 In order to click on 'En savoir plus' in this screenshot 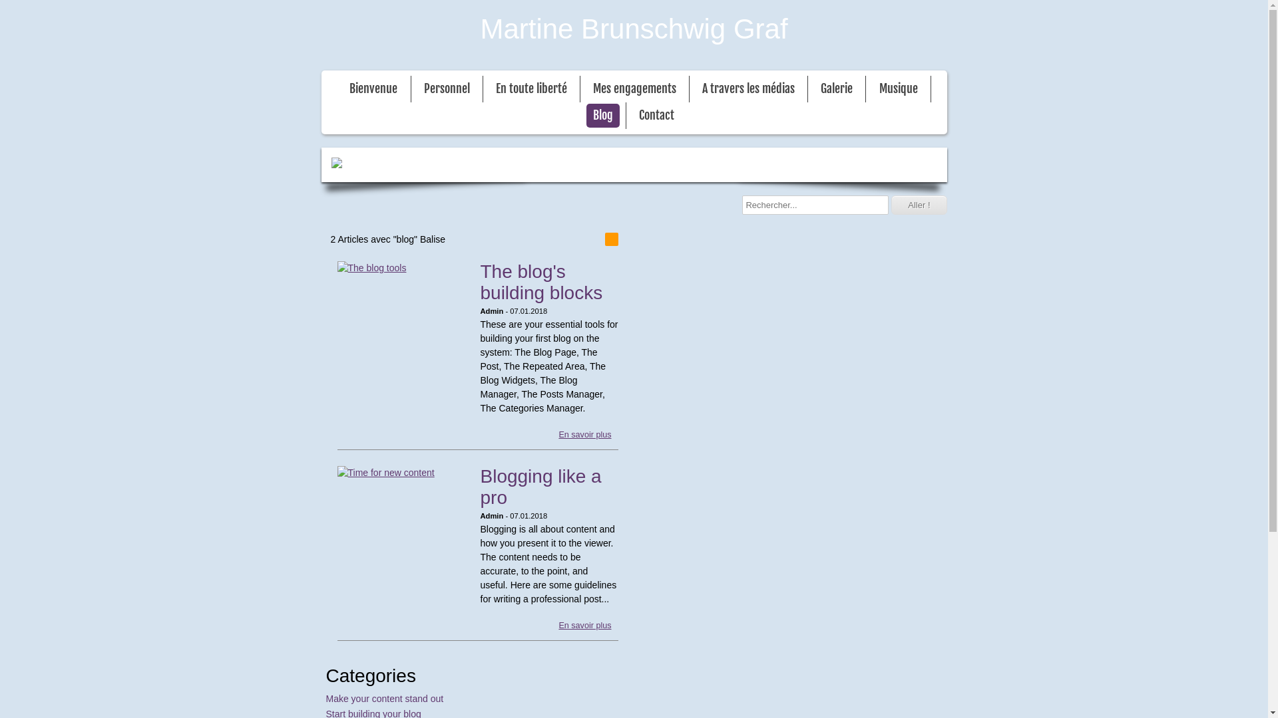, I will do `click(584, 435)`.